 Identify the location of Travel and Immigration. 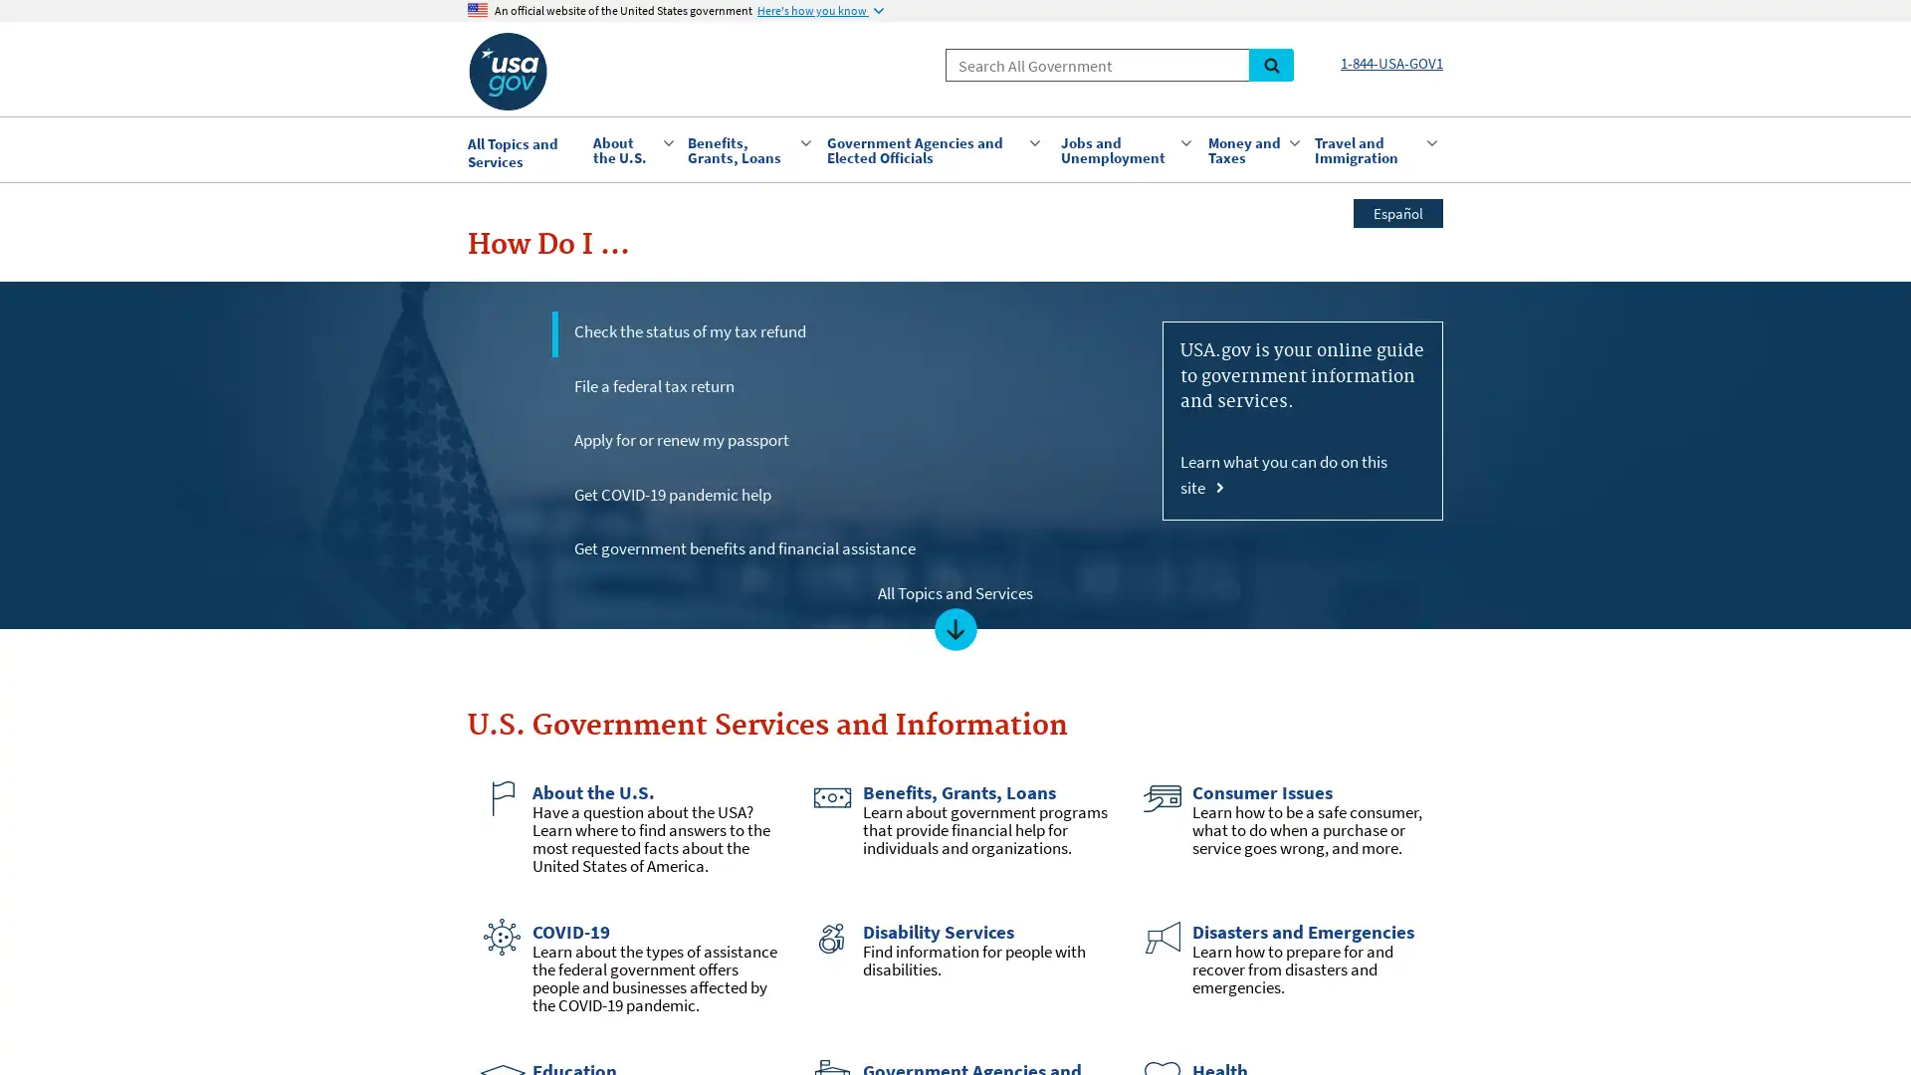
(1373, 148).